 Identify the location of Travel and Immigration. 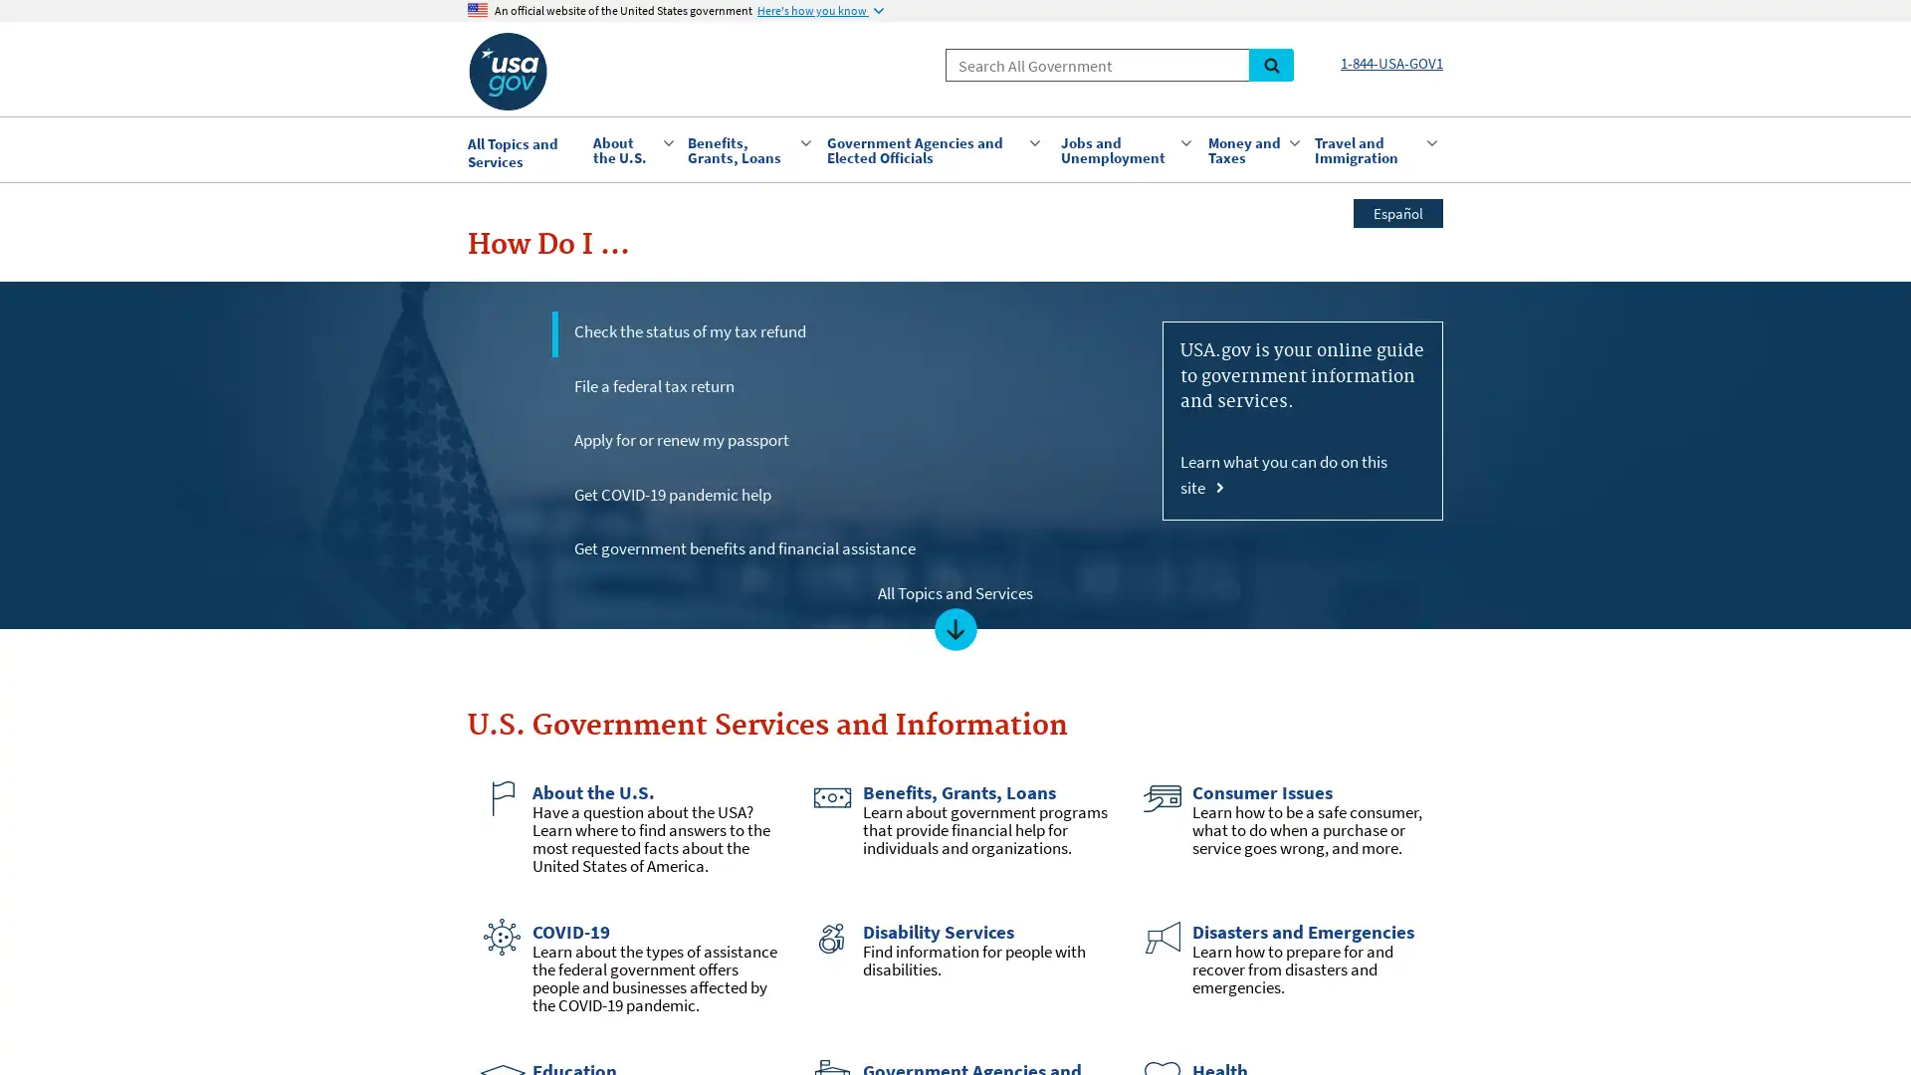
(1373, 148).